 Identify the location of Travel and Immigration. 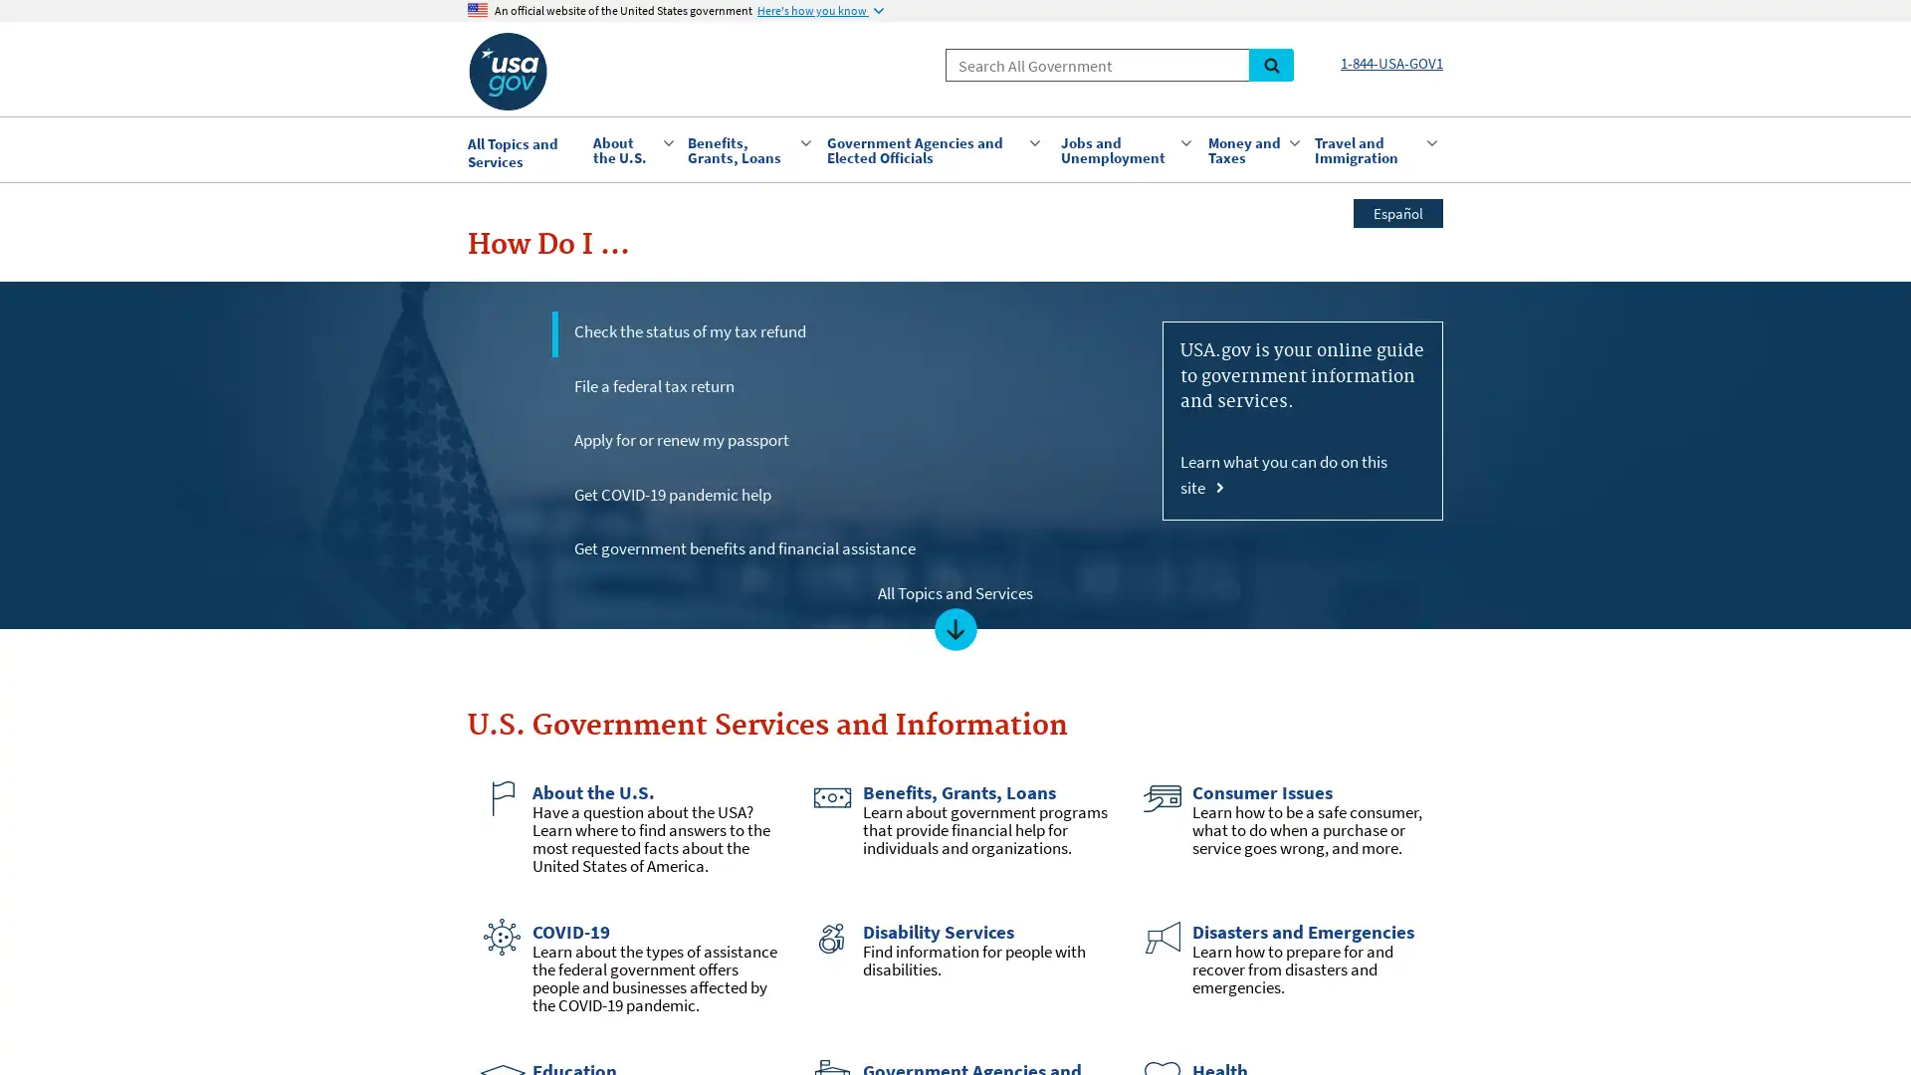
(1373, 148).